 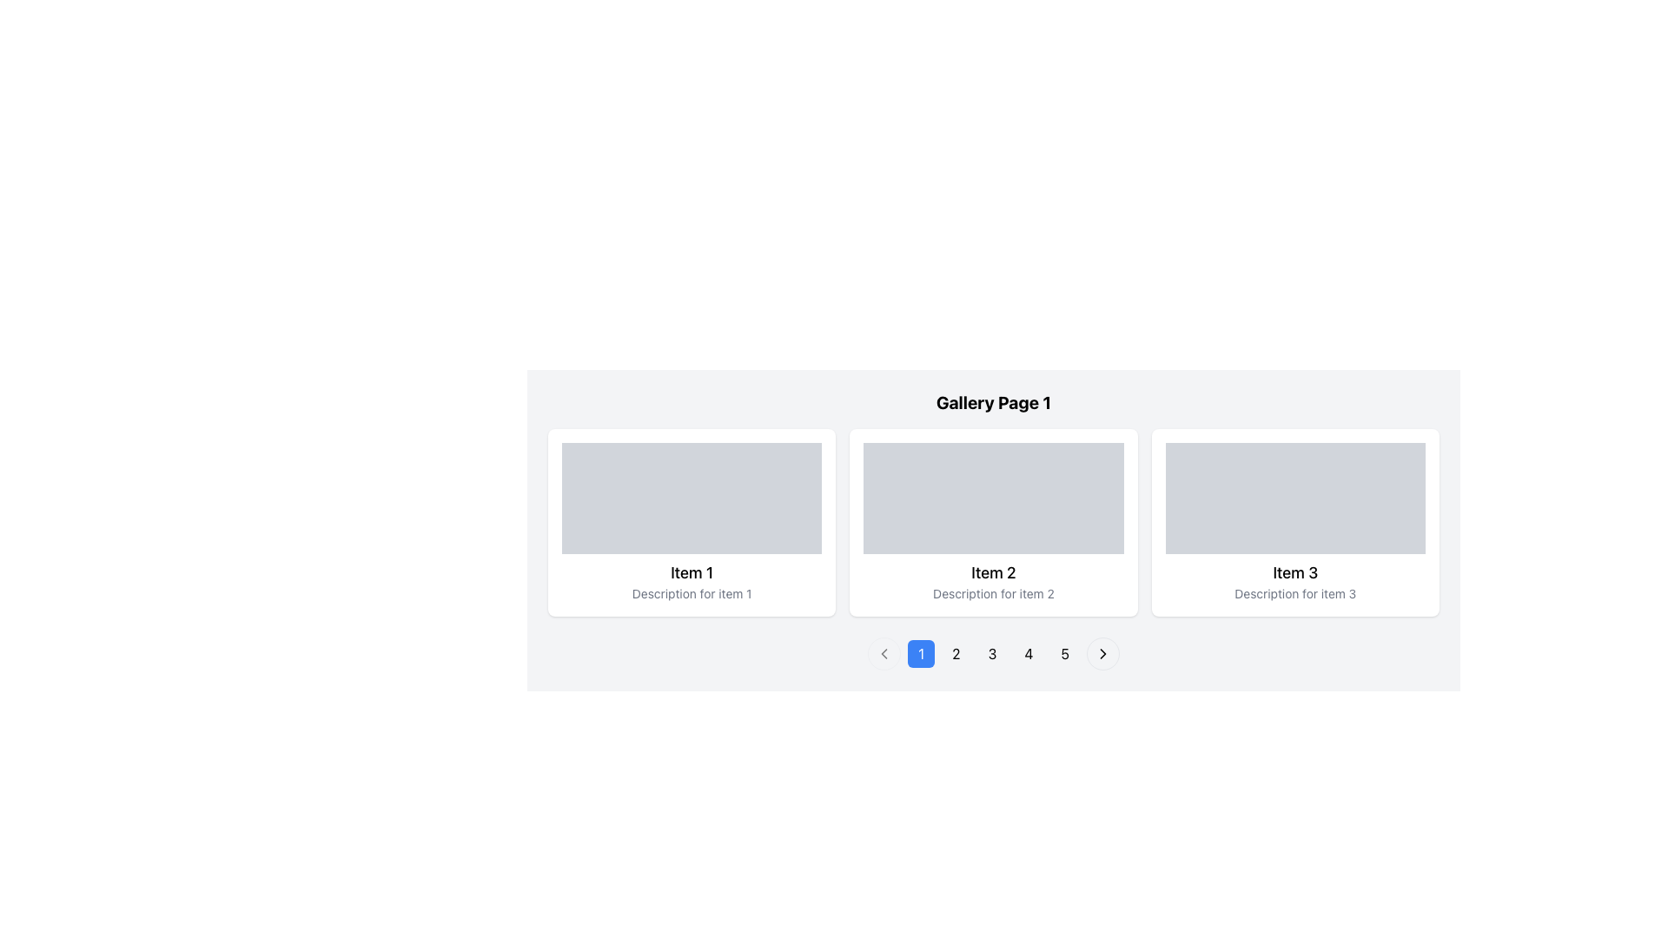 I want to click on the static text element that contains the text 'Item 2', which is styled in a medium-weight font and appears as the title for a card element, so click(x=993, y=572).